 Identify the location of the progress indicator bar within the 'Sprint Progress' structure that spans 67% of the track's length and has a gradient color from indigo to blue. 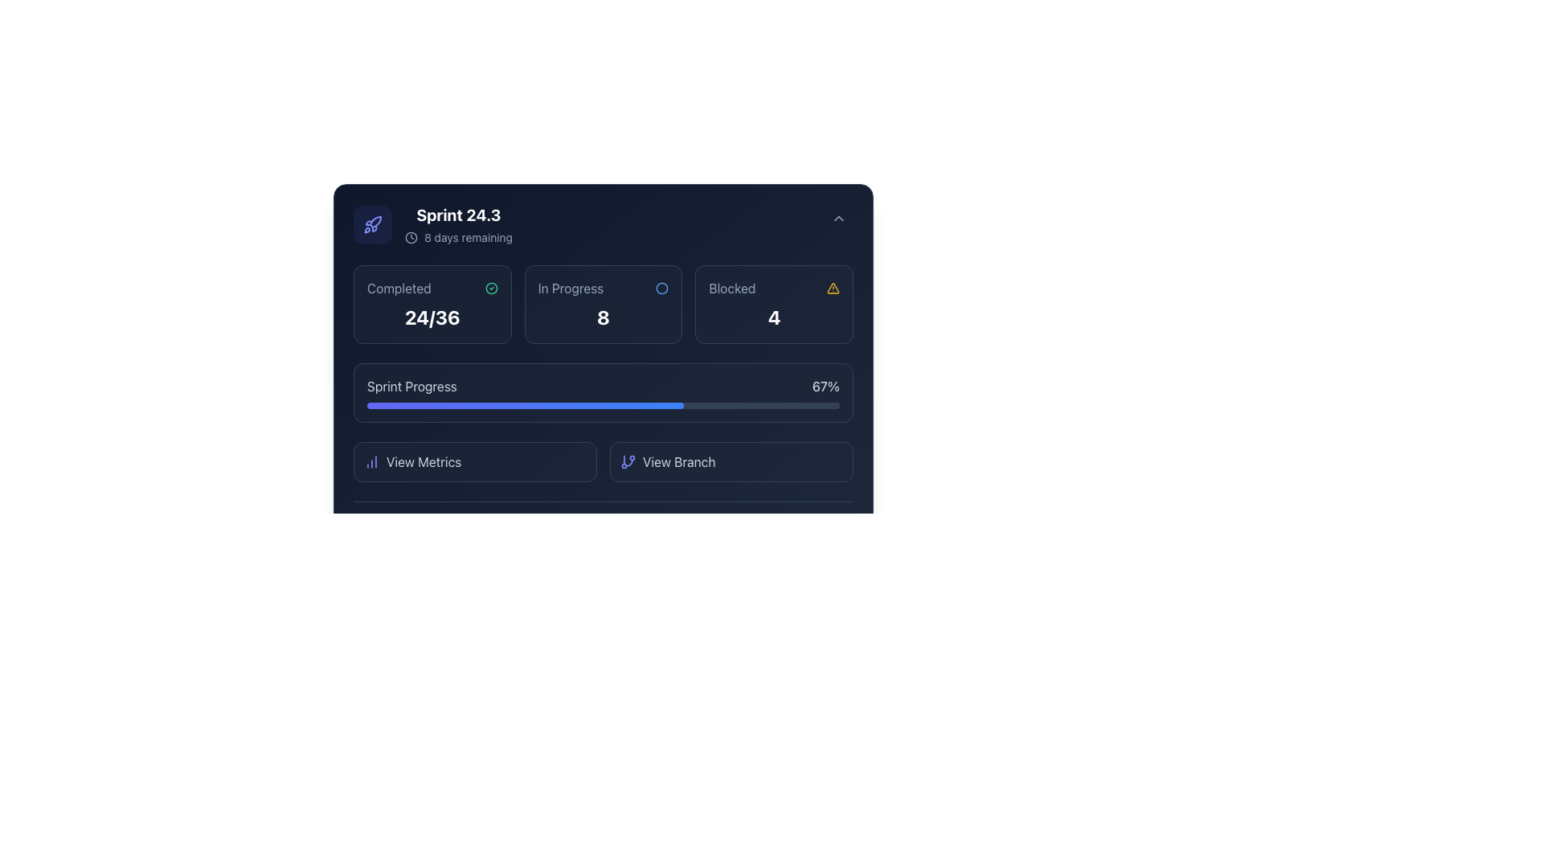
(525, 405).